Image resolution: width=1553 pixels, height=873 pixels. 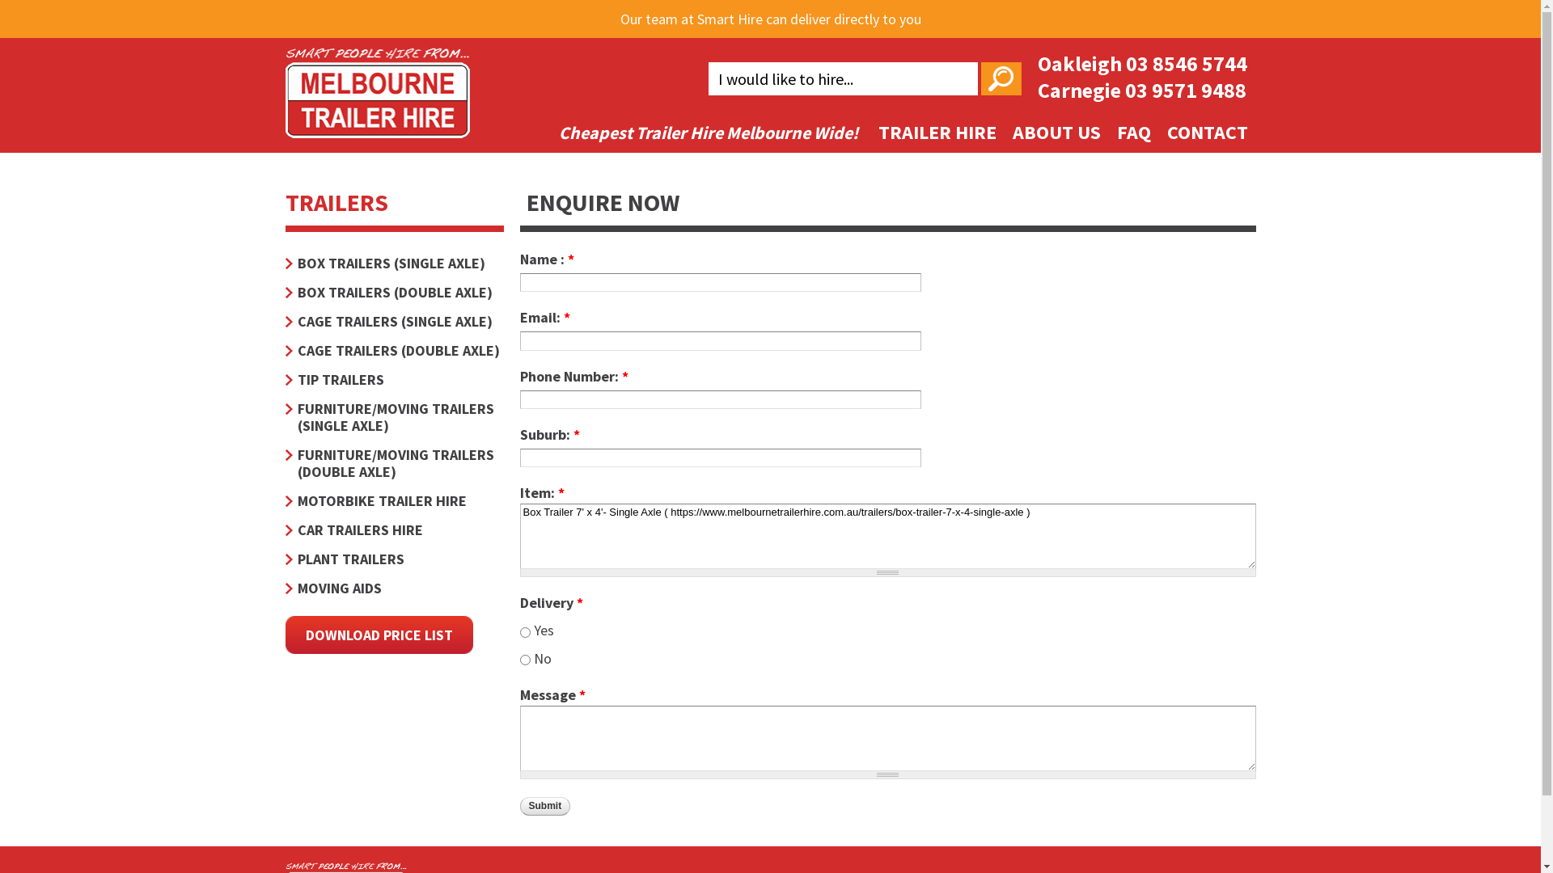 What do you see at coordinates (937, 131) in the screenshot?
I see `'TRAILER HIRE'` at bounding box center [937, 131].